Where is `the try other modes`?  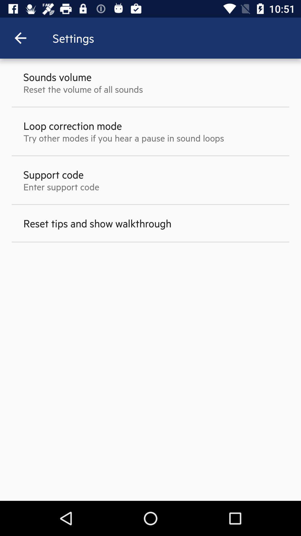 the try other modes is located at coordinates (123, 138).